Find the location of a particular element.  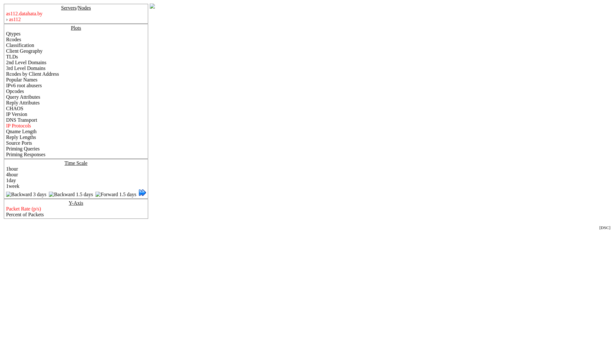

'IPv6 root abusers' is located at coordinates (24, 85).